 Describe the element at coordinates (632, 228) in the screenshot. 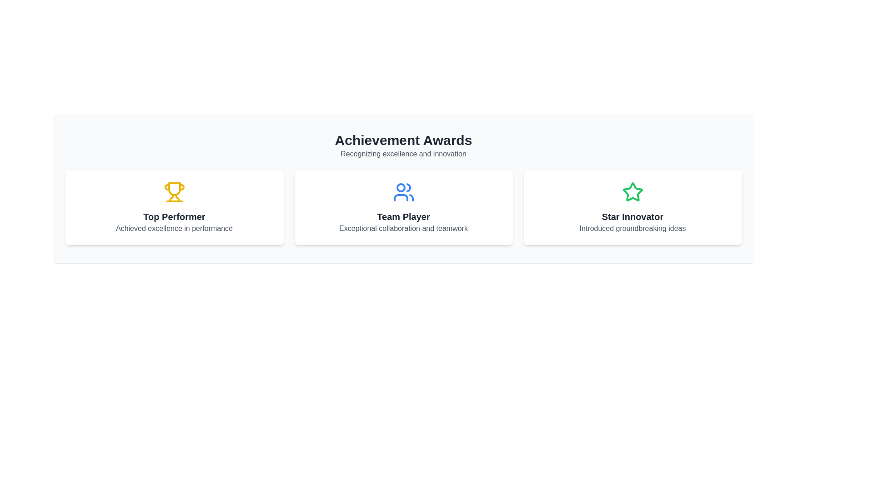

I see `the text string reading 'Introduced groundbreaking ideas' which is styled in gray and located within the rightmost card under the title 'Star Innovator'` at that location.